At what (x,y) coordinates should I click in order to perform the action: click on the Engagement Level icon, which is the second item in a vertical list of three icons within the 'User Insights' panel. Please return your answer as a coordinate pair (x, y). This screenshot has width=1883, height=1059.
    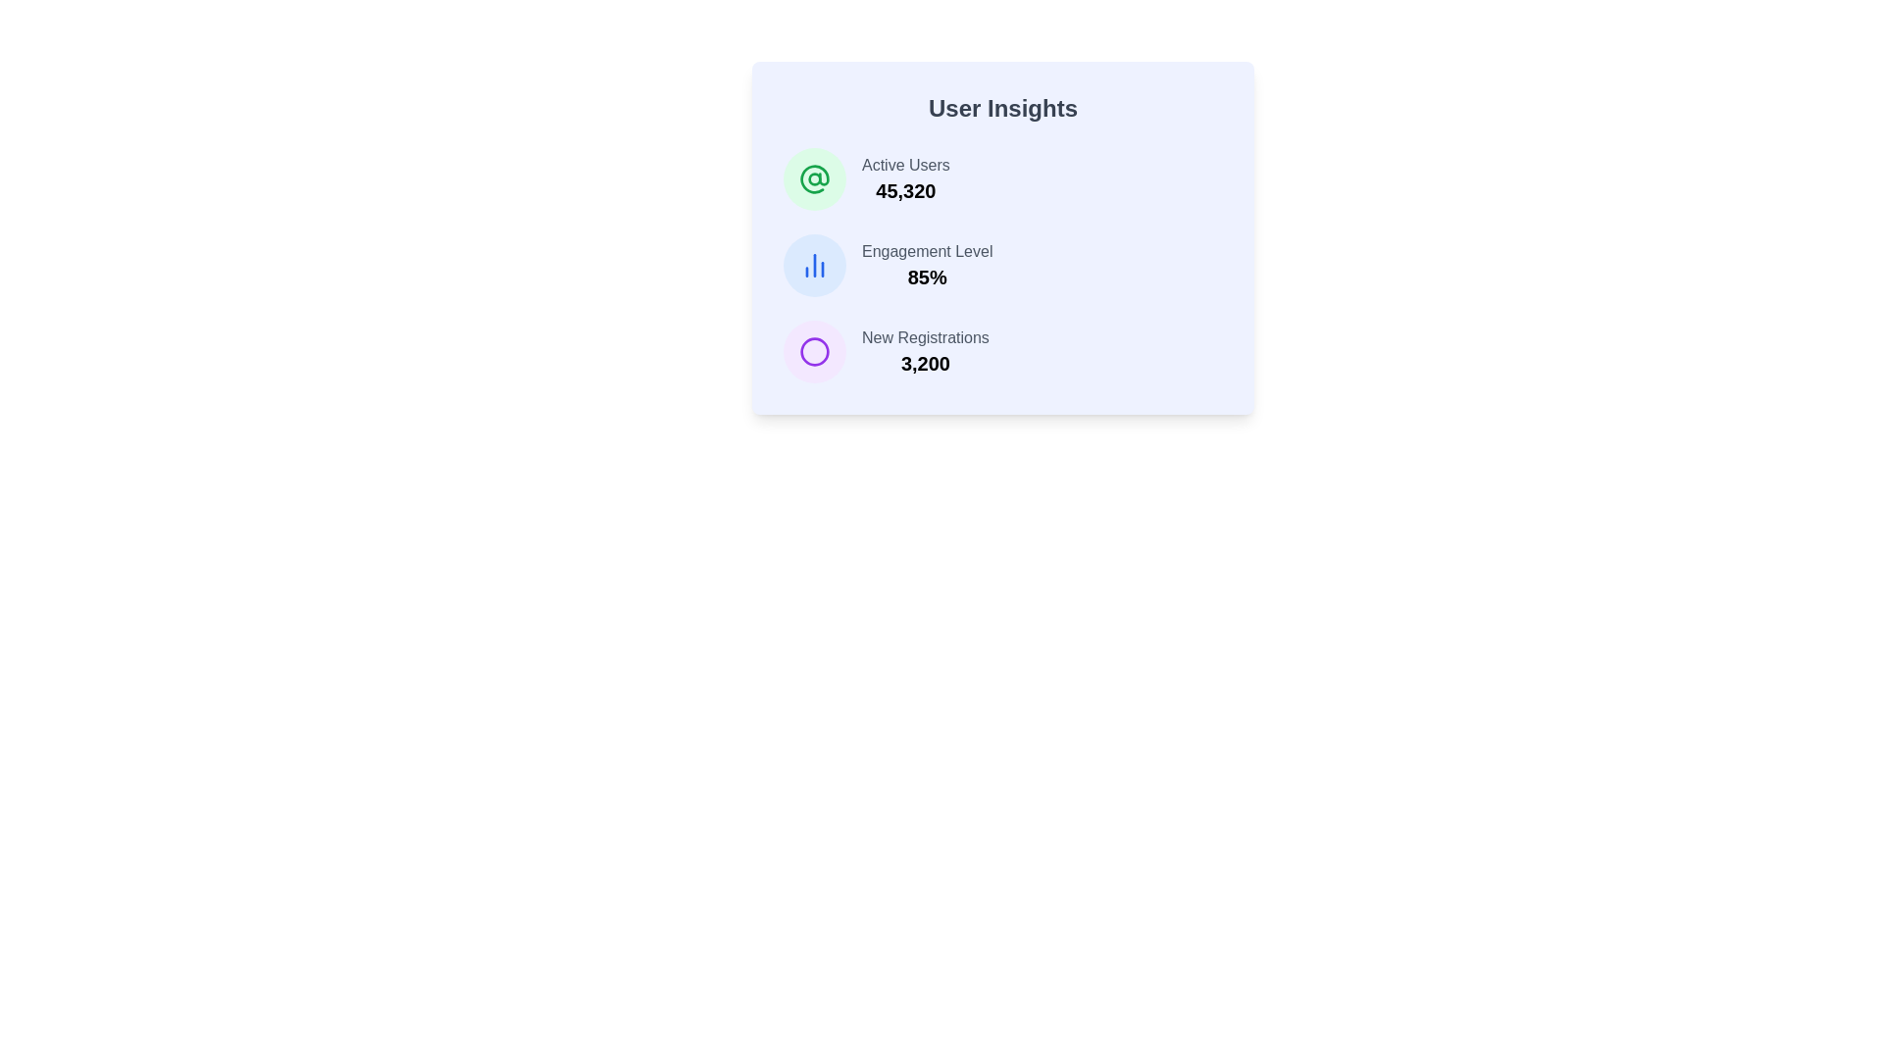
    Looking at the image, I should click on (814, 265).